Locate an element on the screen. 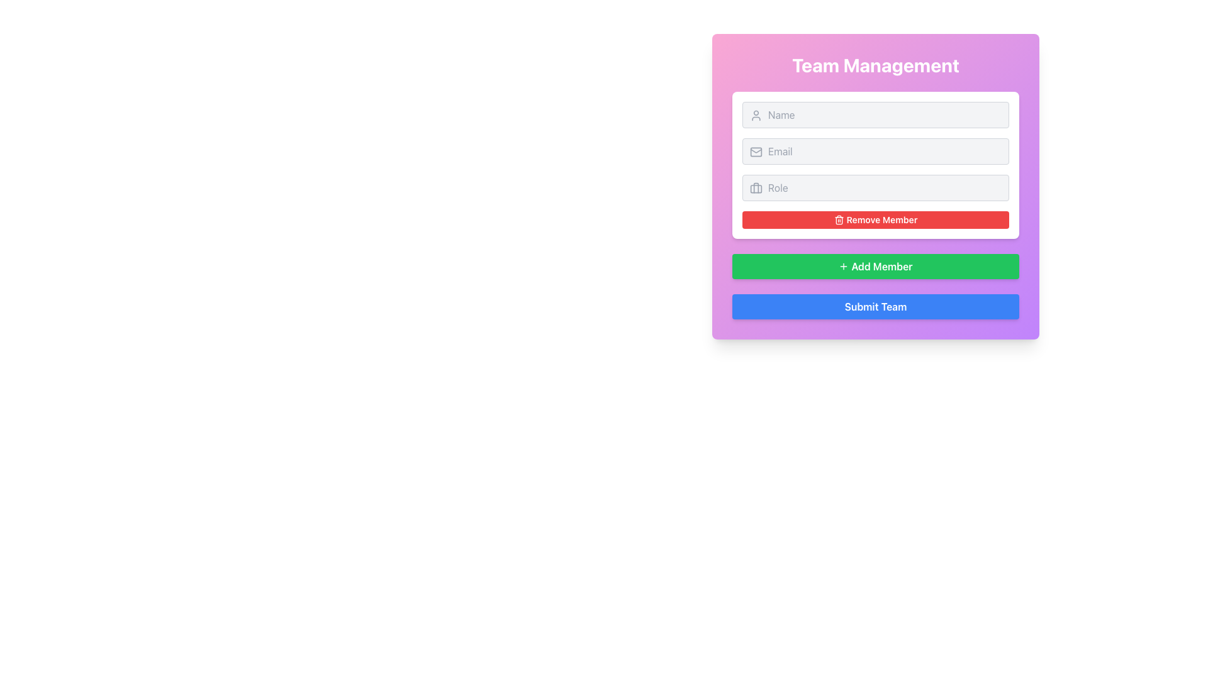 The height and width of the screenshot is (679, 1208). the envelope-shaped SVG graphic icon located within the 'Email' input field of the 'Team Management' form is located at coordinates (755, 152).